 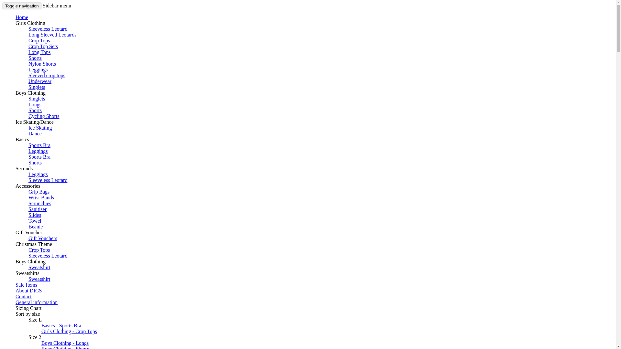 I want to click on 'Leggings', so click(x=38, y=151).